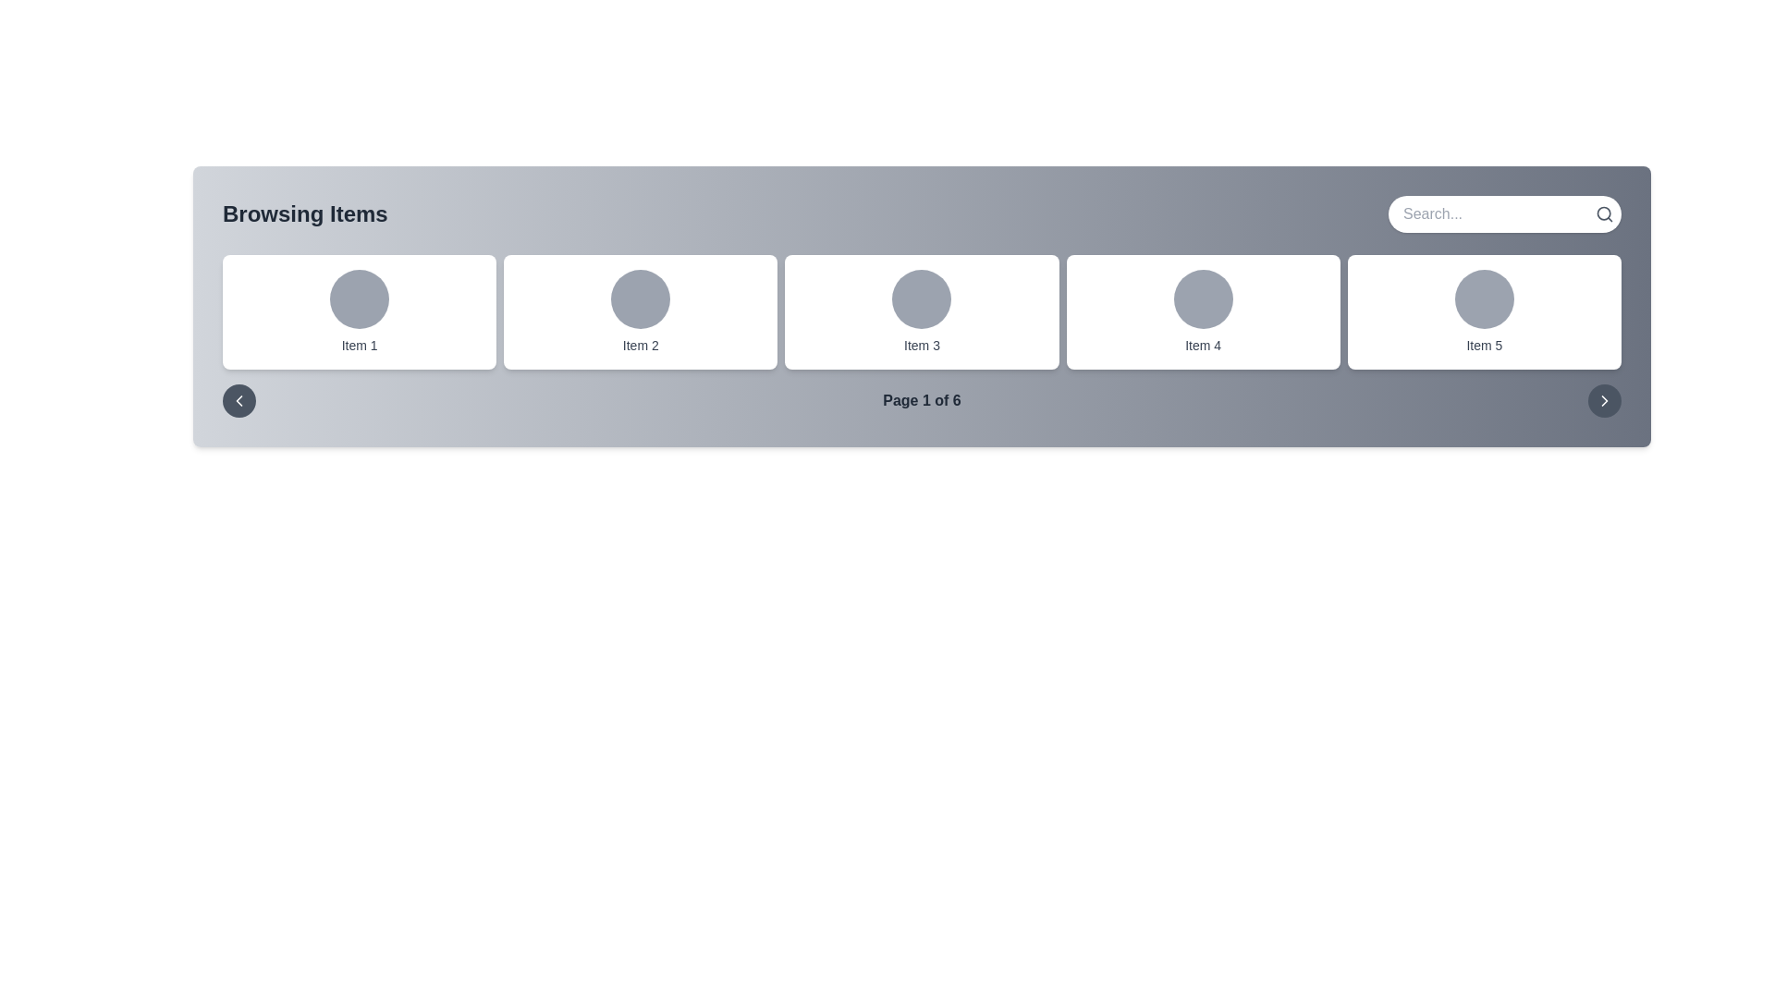 This screenshot has width=1775, height=998. What do you see at coordinates (239, 400) in the screenshot?
I see `the leftward-pointing chevron icon button with a dark gray background` at bounding box center [239, 400].